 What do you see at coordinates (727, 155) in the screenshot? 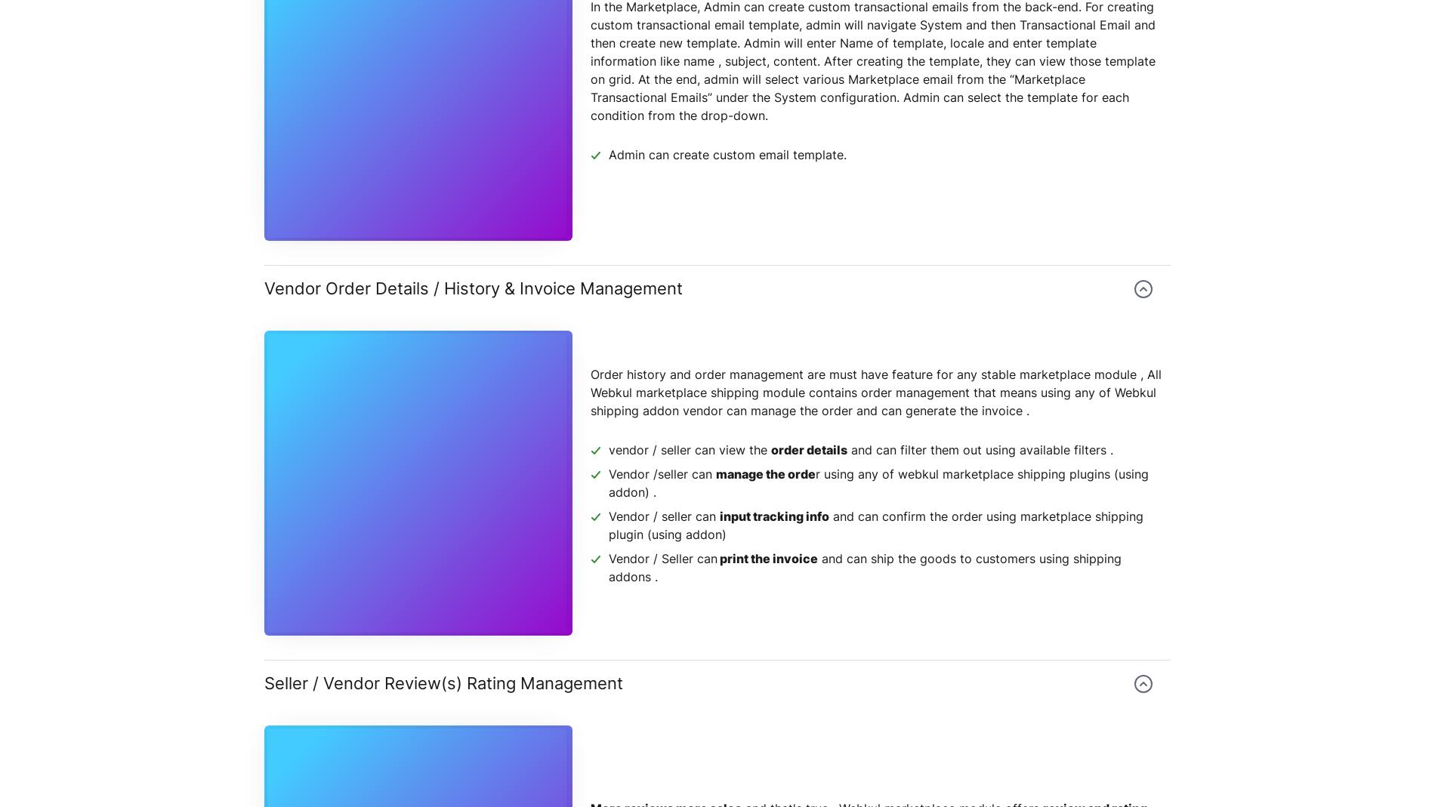
I see `'Admin can create custom email template.'` at bounding box center [727, 155].